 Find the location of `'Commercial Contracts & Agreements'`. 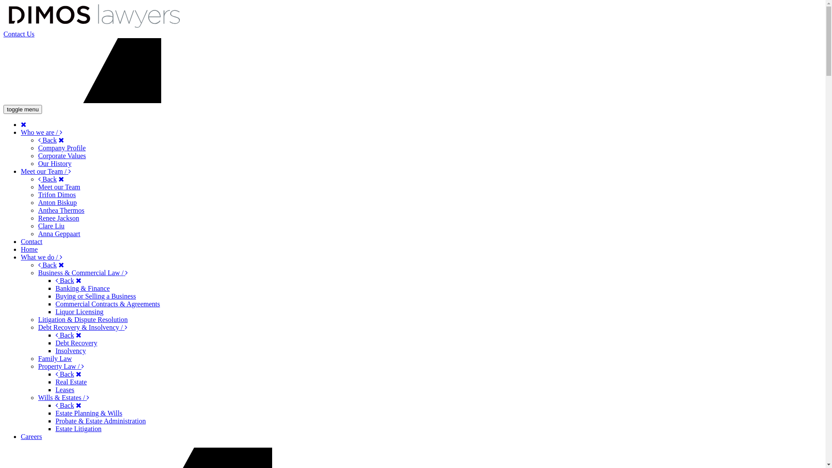

'Commercial Contracts & Agreements' is located at coordinates (107, 303).